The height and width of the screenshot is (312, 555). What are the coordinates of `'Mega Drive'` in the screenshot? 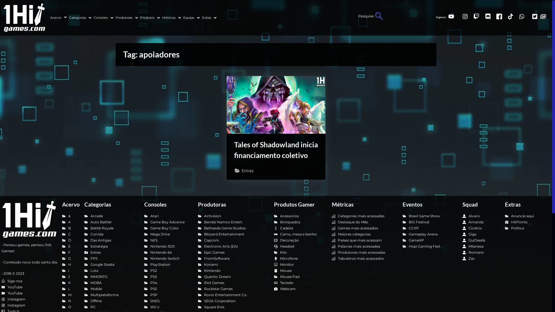 It's located at (168, 234).